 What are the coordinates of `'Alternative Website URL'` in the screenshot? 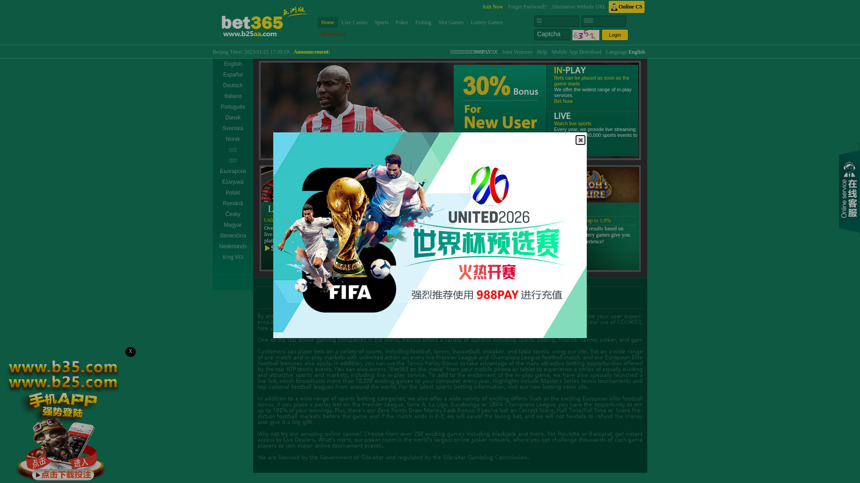 It's located at (550, 7).